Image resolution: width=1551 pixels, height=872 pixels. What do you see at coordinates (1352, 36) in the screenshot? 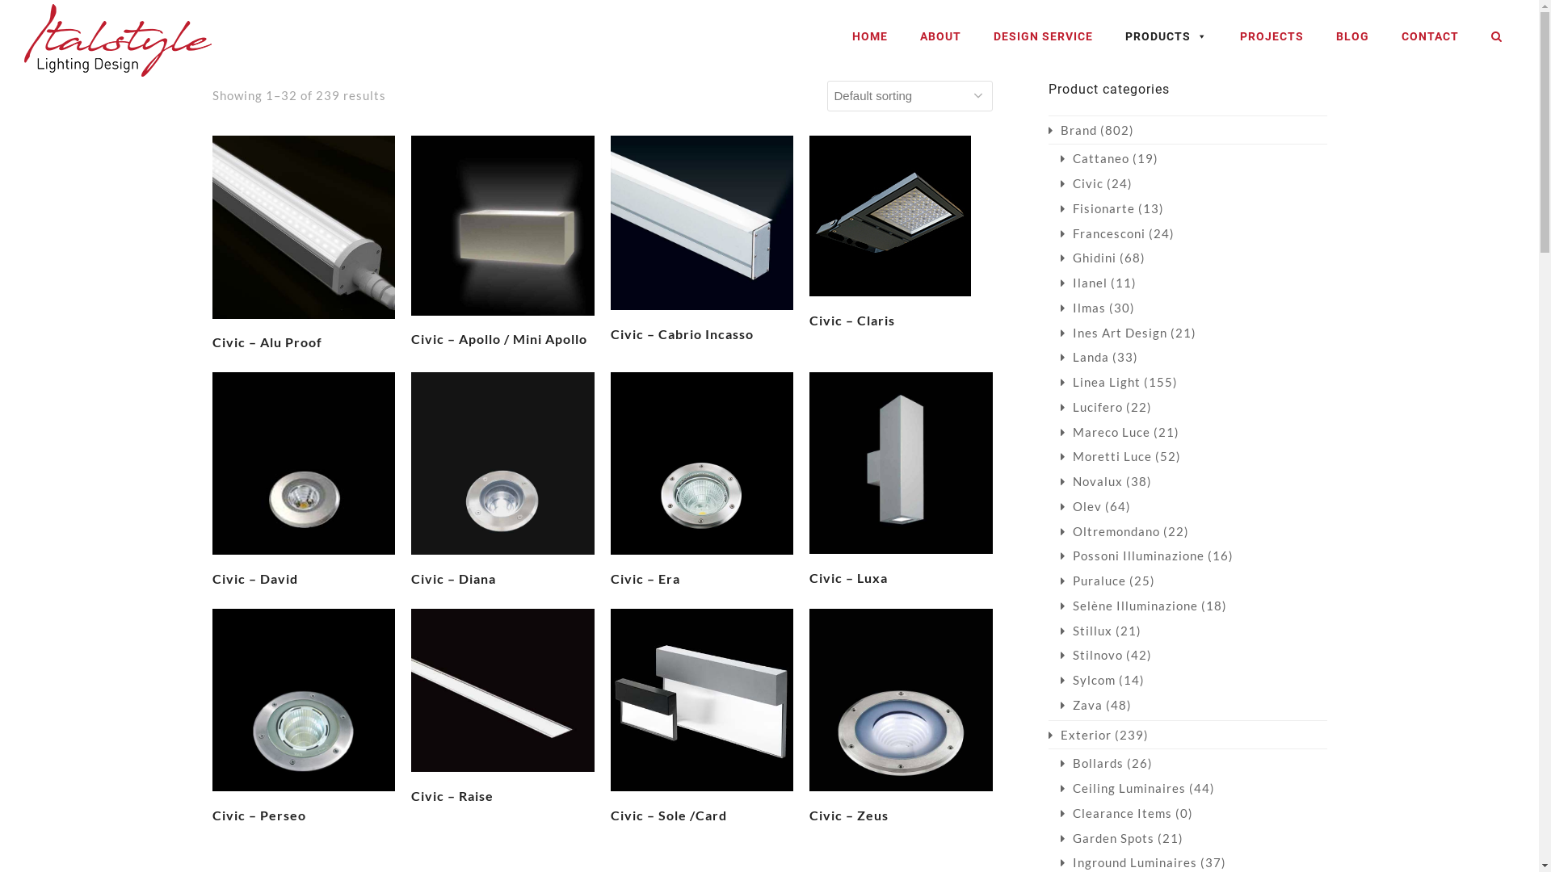
I see `'BLOG'` at bounding box center [1352, 36].